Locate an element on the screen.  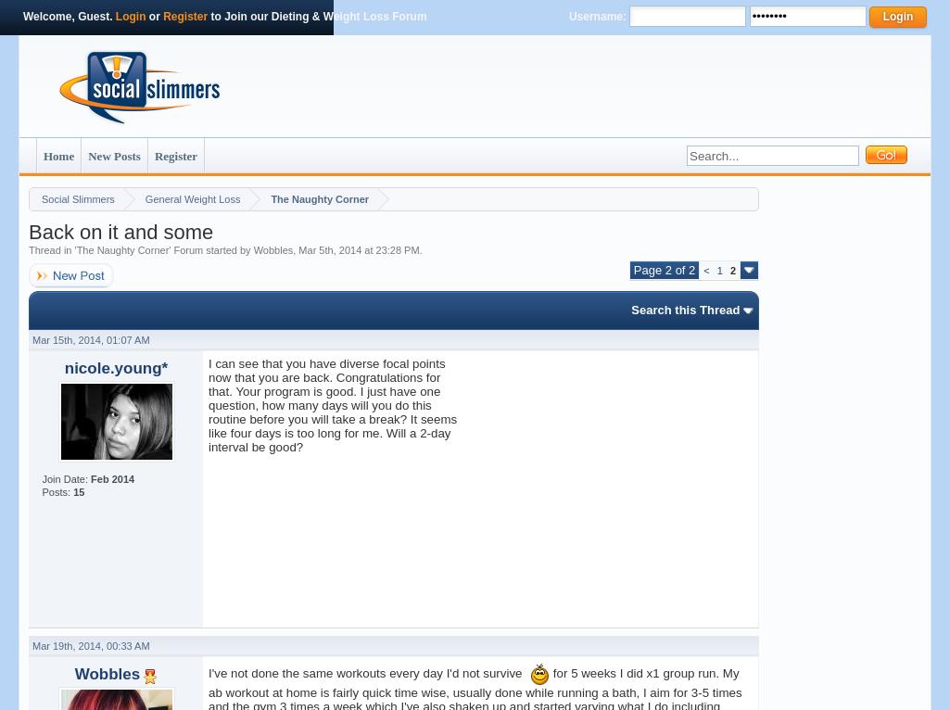
'I've not done the same workouts every day I'd not survive' is located at coordinates (366, 672).